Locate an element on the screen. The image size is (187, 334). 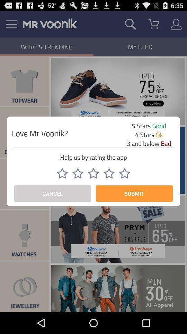
the submit is located at coordinates (134, 193).